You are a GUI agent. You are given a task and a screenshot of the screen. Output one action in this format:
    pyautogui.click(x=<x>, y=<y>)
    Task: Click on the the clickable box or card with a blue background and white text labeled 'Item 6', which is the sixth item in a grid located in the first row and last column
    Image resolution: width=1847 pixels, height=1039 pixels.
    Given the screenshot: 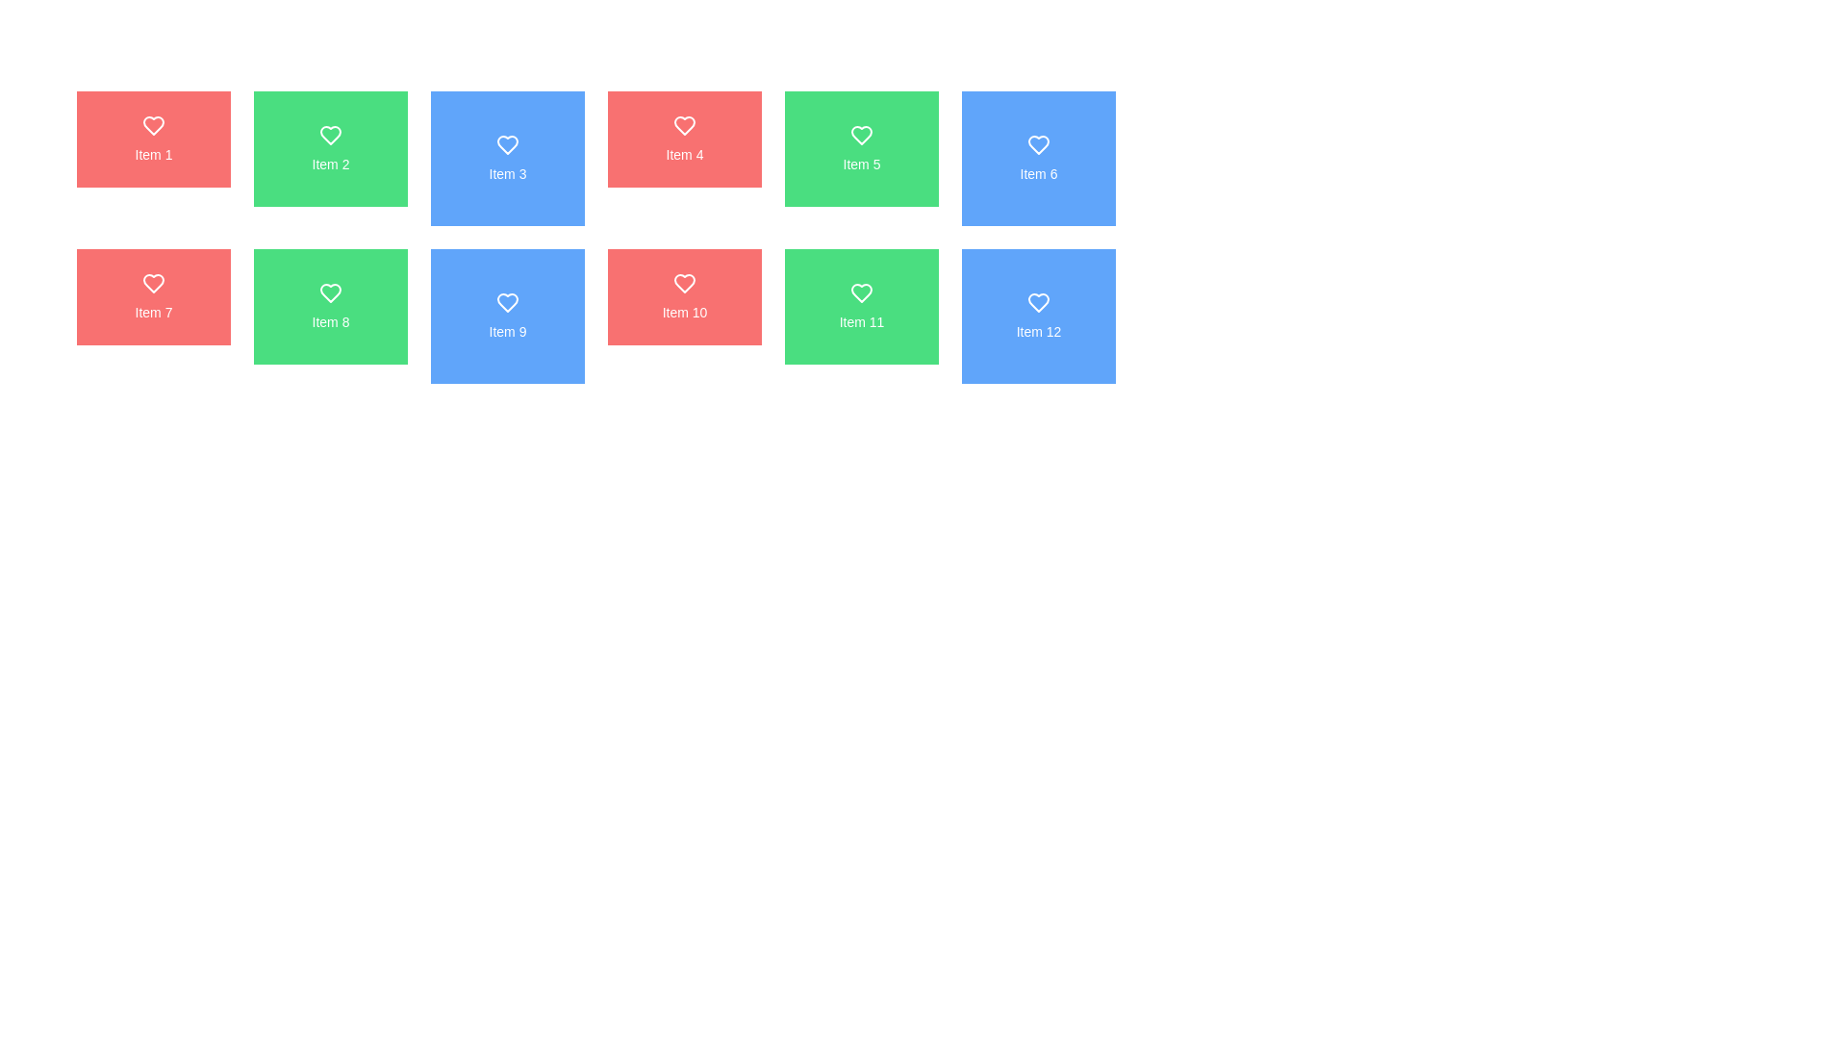 What is the action you would take?
    pyautogui.click(x=1038, y=158)
    